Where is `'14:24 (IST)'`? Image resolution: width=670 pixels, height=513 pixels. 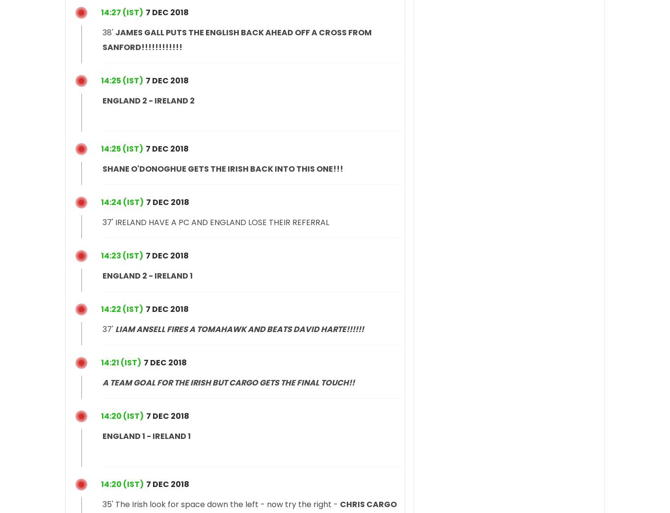
'14:24 (IST)' is located at coordinates (100, 202).